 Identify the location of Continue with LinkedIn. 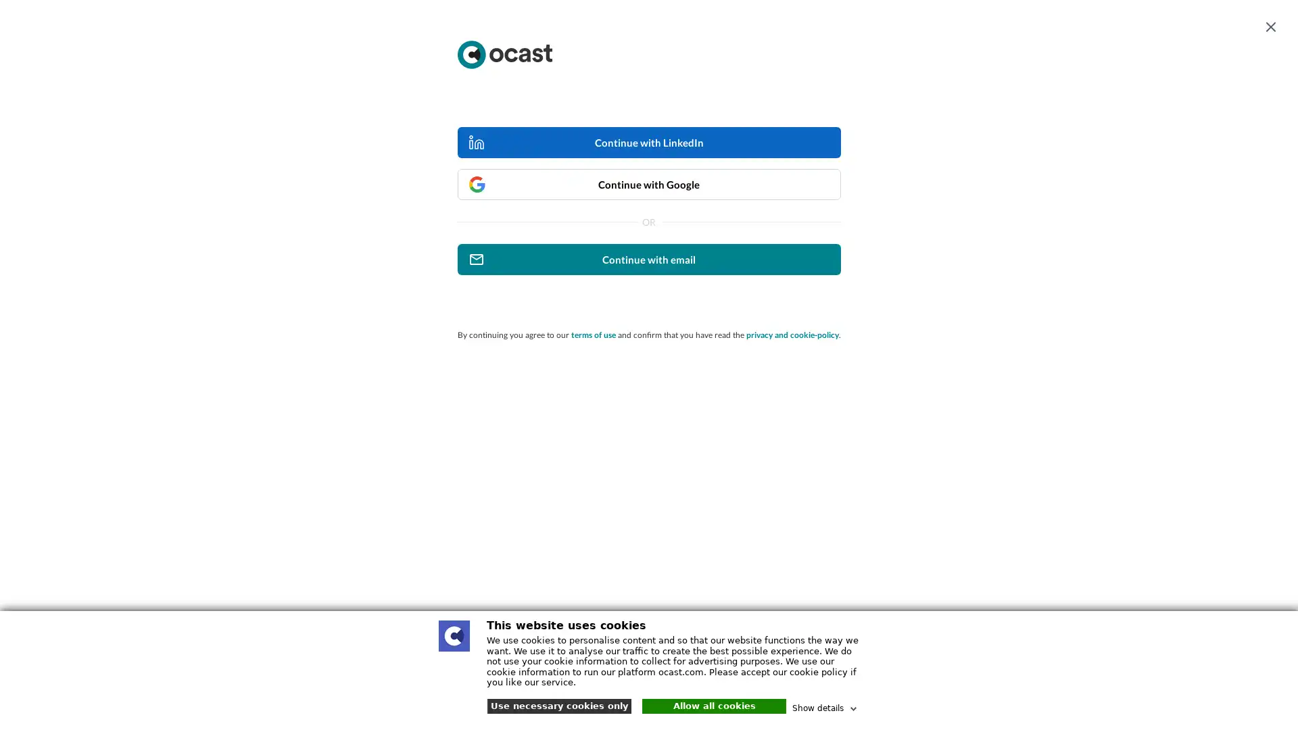
(648, 143).